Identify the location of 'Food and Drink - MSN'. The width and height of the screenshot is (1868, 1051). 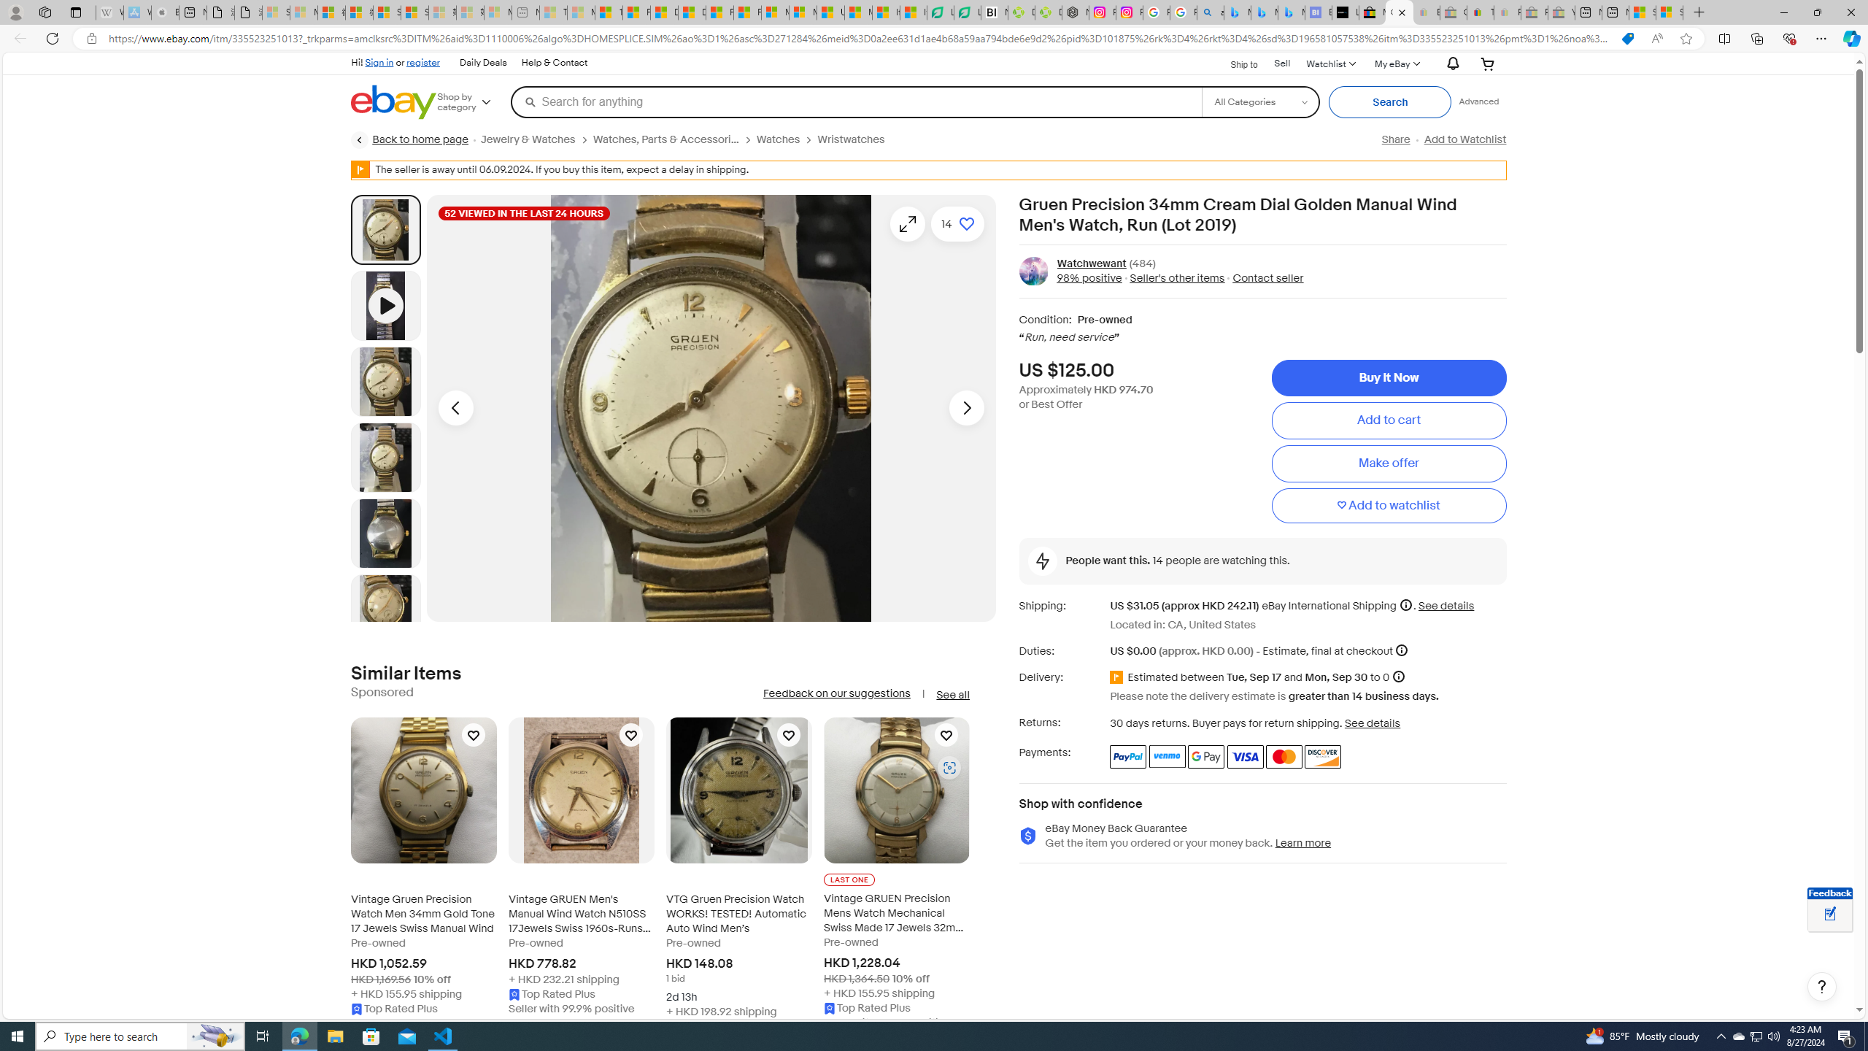
(636, 12).